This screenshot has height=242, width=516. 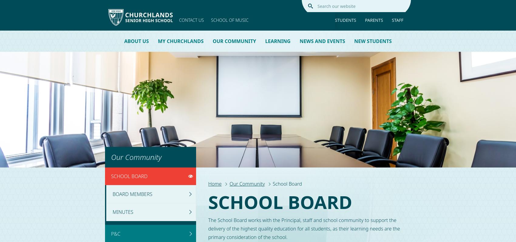 What do you see at coordinates (124, 41) in the screenshot?
I see `'About Us'` at bounding box center [124, 41].